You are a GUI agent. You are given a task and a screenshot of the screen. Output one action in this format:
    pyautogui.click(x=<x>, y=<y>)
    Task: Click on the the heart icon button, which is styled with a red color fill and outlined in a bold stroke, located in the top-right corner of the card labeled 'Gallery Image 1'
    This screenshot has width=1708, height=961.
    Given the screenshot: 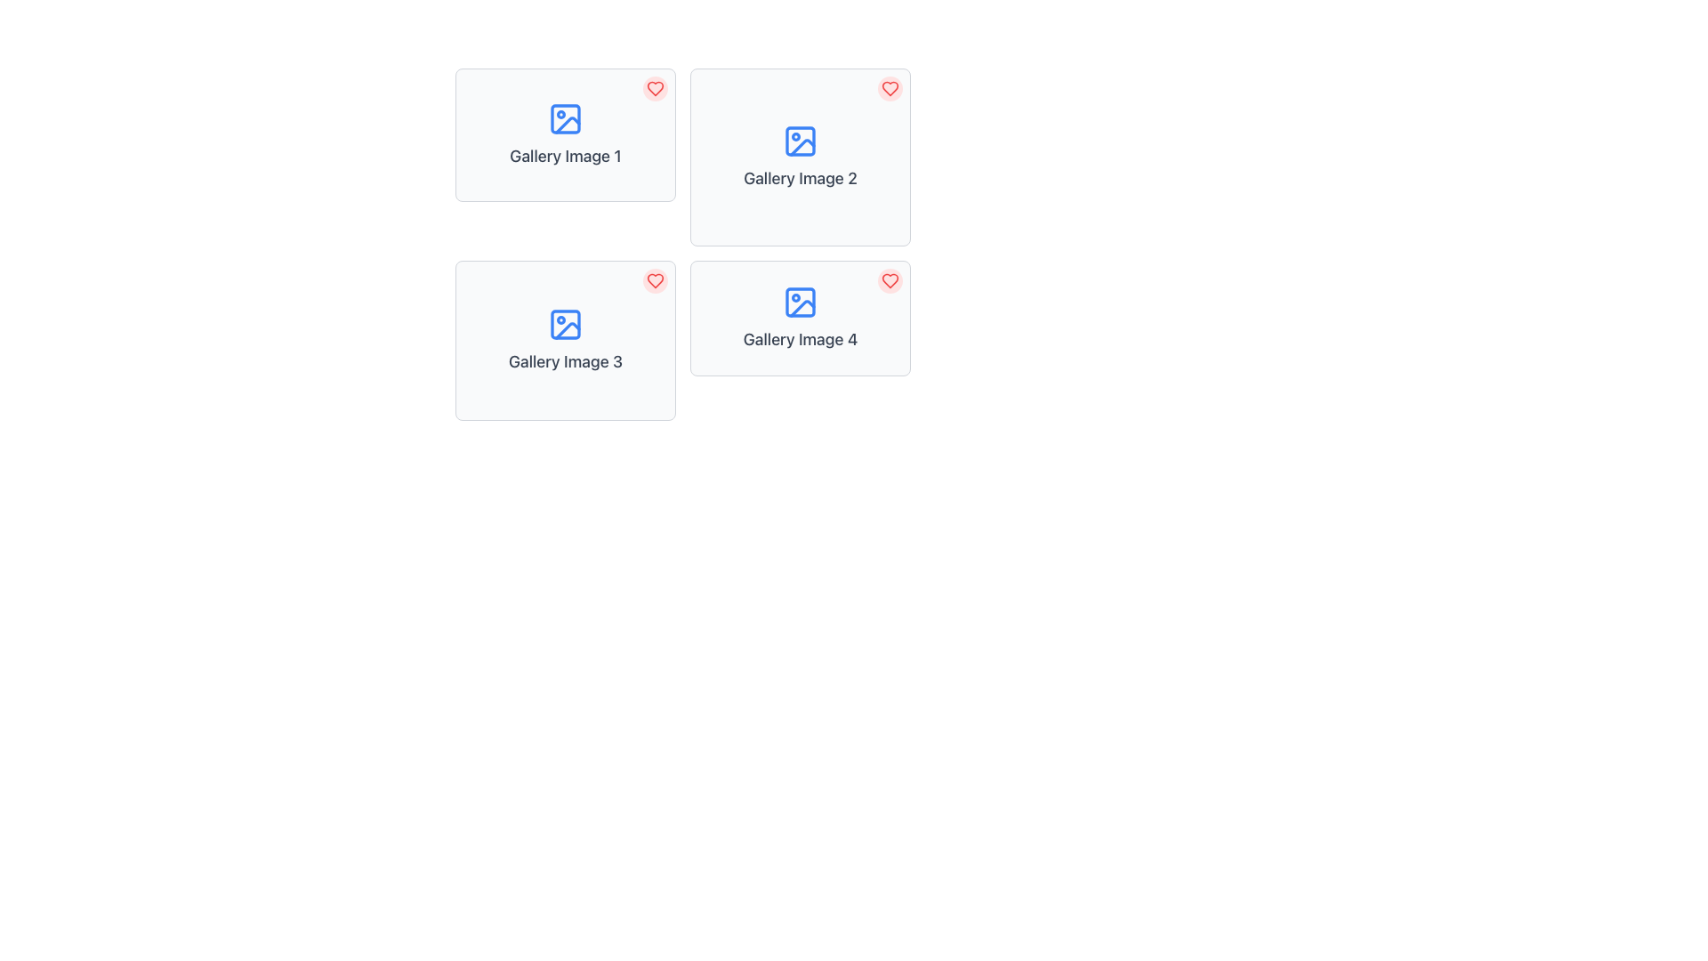 What is the action you would take?
    pyautogui.click(x=655, y=89)
    